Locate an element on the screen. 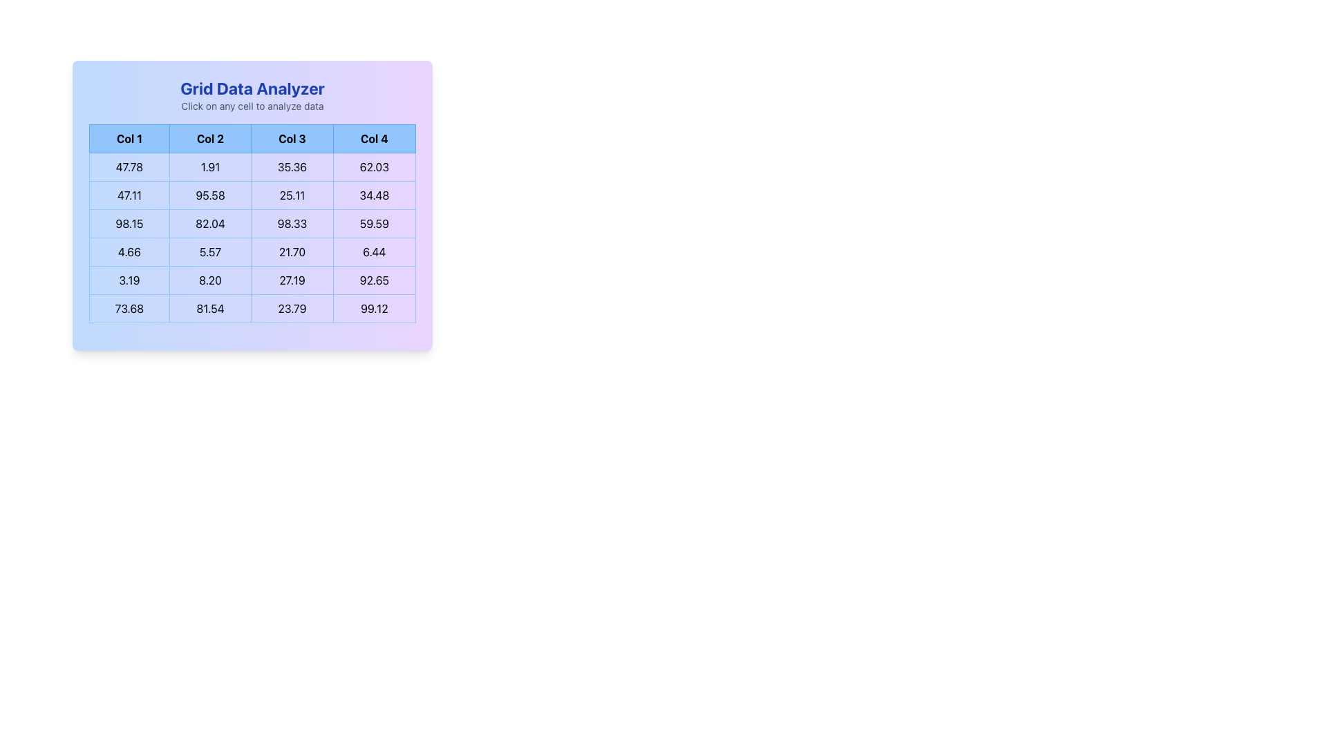 The image size is (1327, 746). numeric value '95.58' from the table cell located in the second column of the second row, which has a light blue background and is bordered for visibility is located at coordinates (209, 195).